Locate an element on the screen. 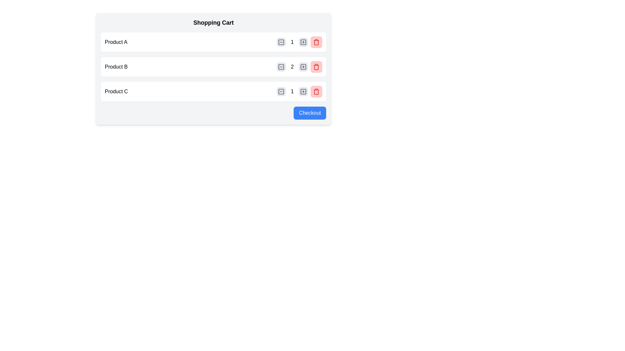 The height and width of the screenshot is (351, 625). the red rounded button with a trash icon located on the rightmost side of the second product entry in the shopping cart interface is located at coordinates (316, 67).